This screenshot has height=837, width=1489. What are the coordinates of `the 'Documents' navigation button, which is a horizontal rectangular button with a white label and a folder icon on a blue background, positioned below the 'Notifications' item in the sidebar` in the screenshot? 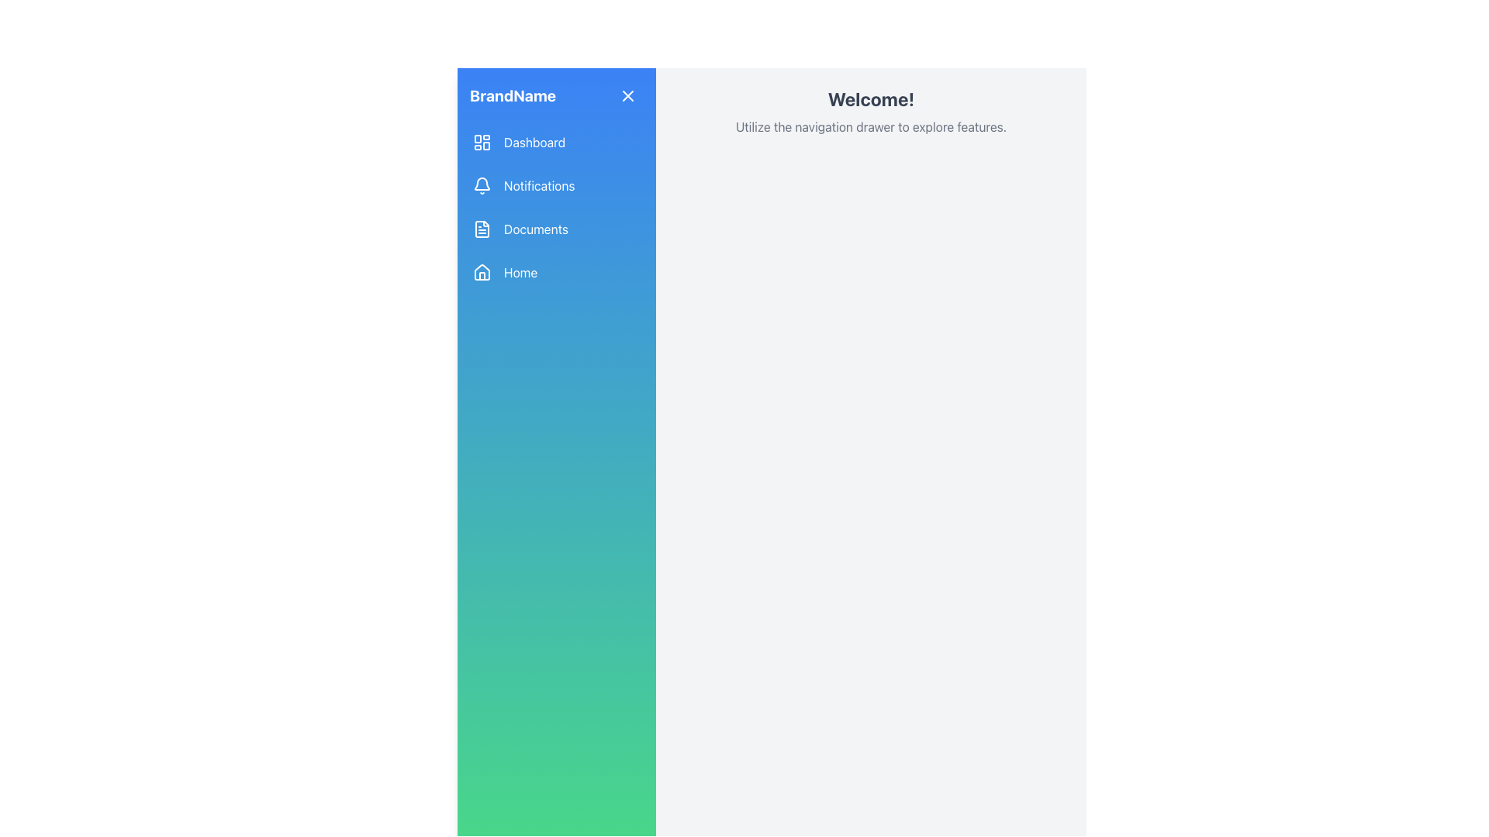 It's located at (520, 229).